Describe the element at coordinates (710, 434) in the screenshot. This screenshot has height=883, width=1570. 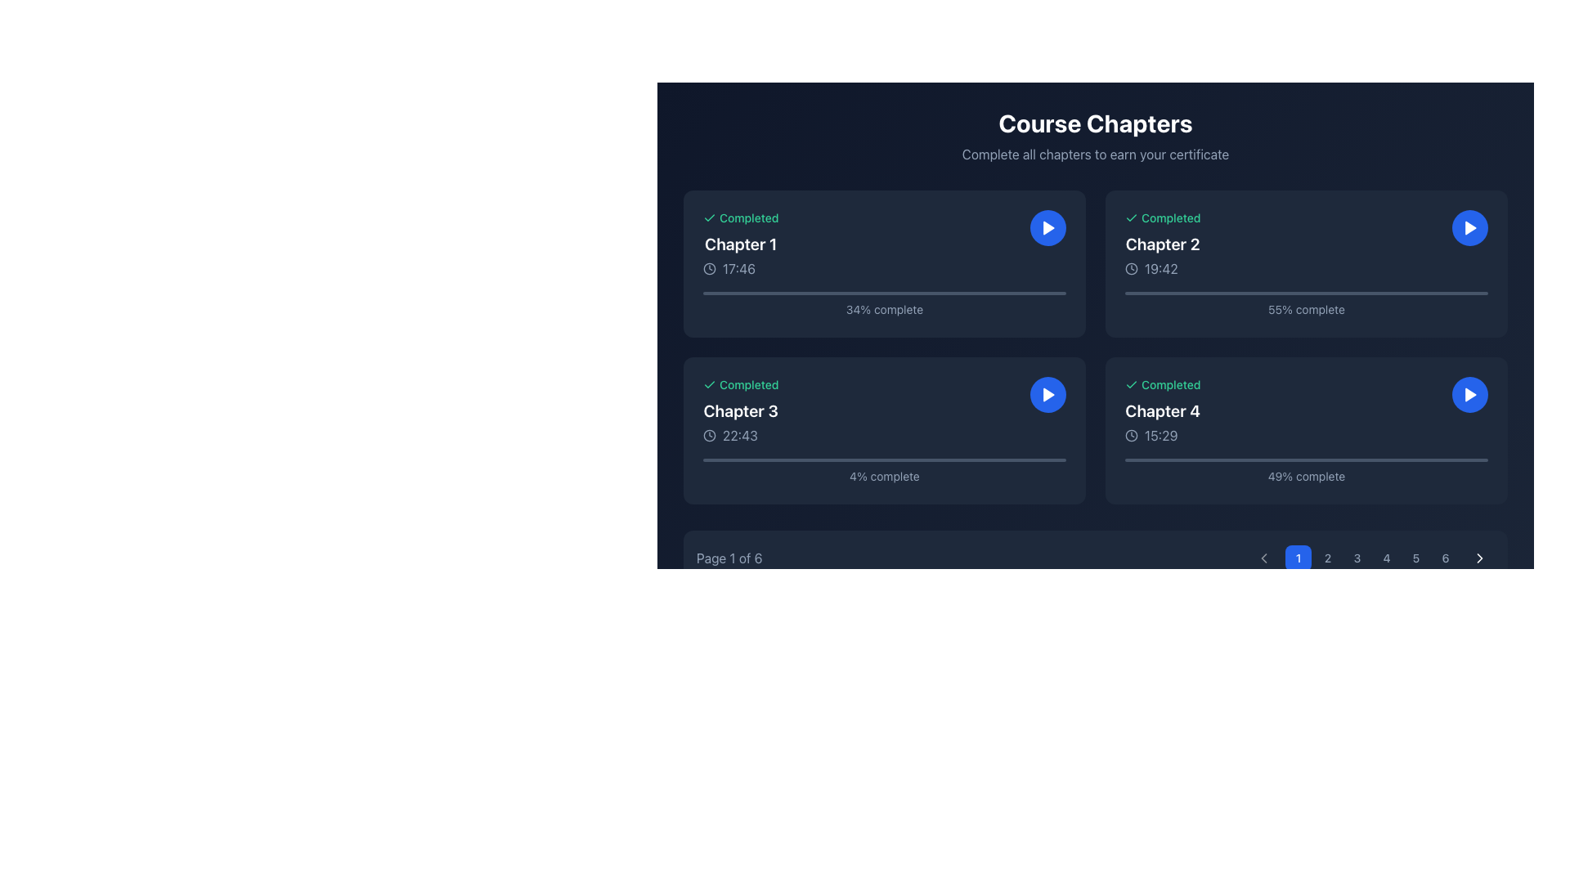
I see `icon located to the left of the text '22:43' in the Chapter 3 row to view its properties` at that location.